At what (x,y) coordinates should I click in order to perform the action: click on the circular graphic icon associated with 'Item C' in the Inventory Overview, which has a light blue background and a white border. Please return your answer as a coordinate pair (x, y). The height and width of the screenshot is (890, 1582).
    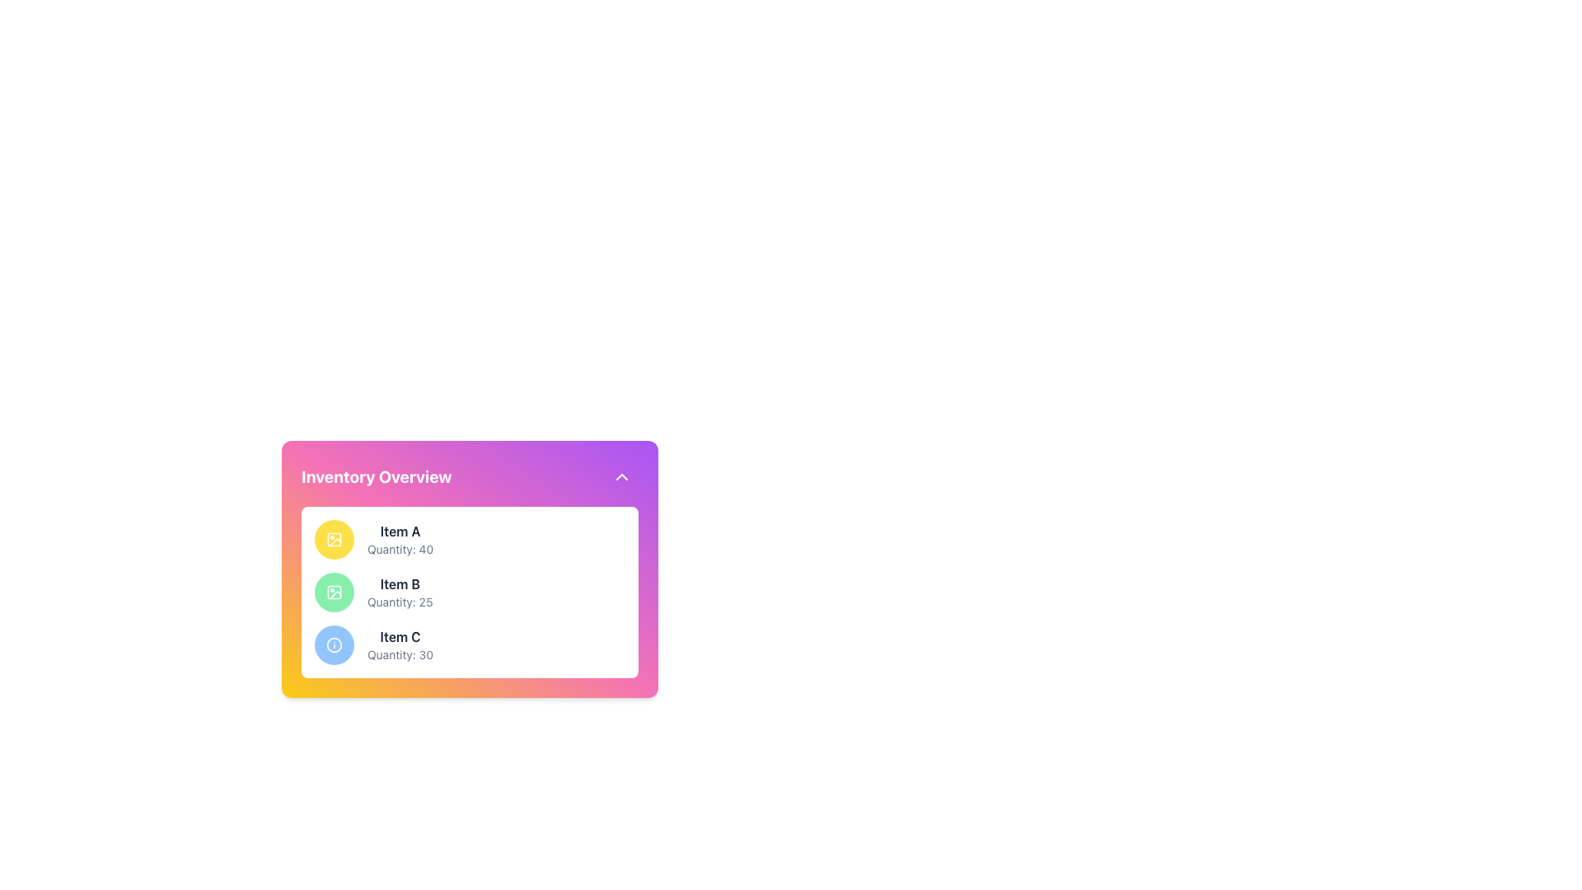
    Looking at the image, I should click on (334, 644).